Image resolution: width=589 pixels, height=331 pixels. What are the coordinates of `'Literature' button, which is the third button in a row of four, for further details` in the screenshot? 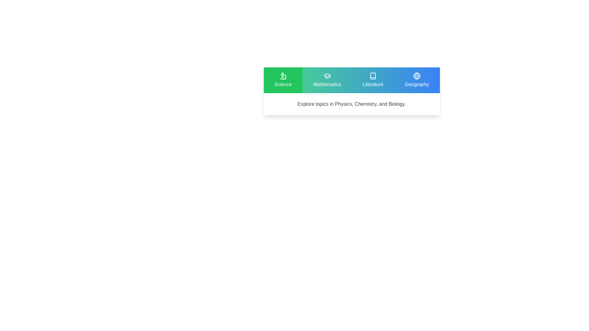 It's located at (372, 80).